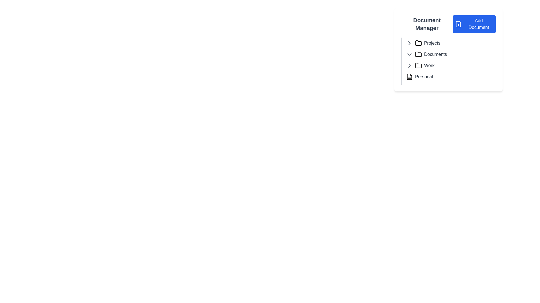 The width and height of the screenshot is (540, 303). What do you see at coordinates (418, 54) in the screenshot?
I see `the 'Documents' folder icon located in the 'Document Manager' interface, positioned third among its sibling elements` at bounding box center [418, 54].